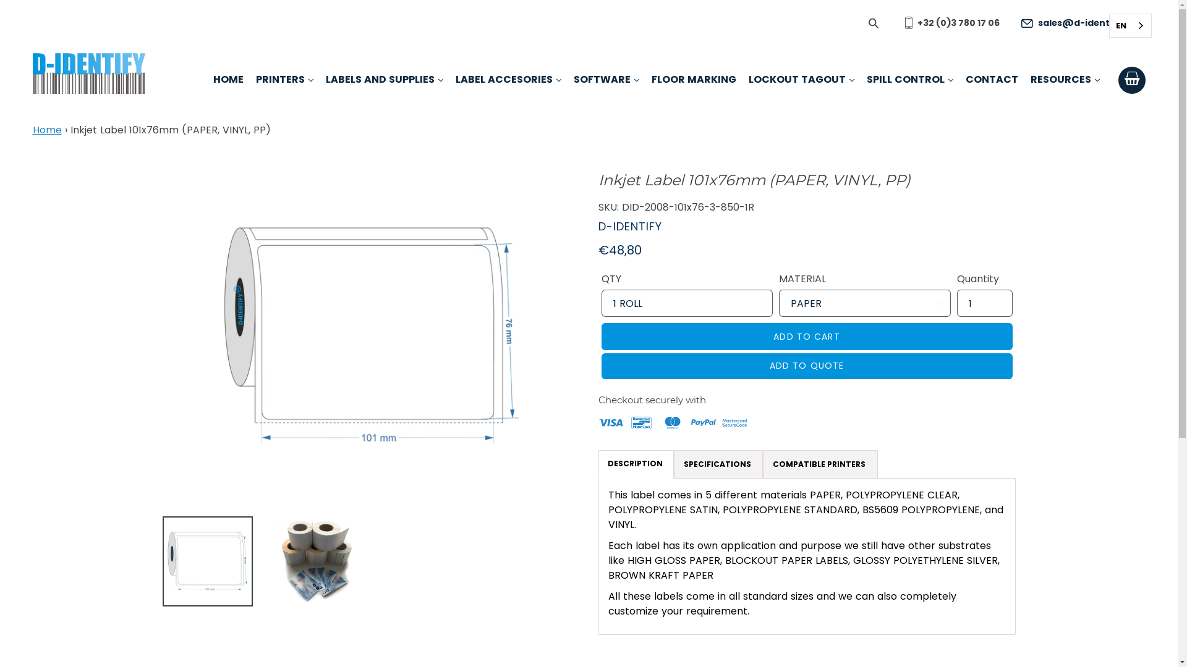 Image resolution: width=1187 pixels, height=667 pixels. Describe the element at coordinates (964, 81) in the screenshot. I see `'CONTACT'` at that location.